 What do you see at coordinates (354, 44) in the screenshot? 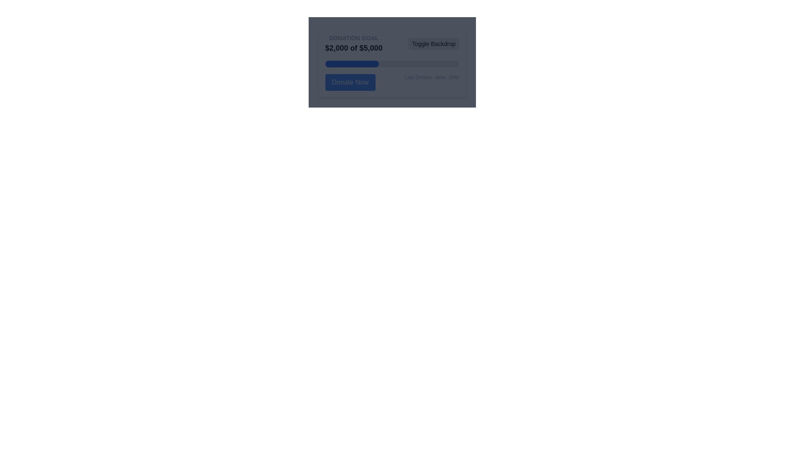
I see `the Text display element that shows the funding goal, which includes the current amount collected and the target amount` at bounding box center [354, 44].